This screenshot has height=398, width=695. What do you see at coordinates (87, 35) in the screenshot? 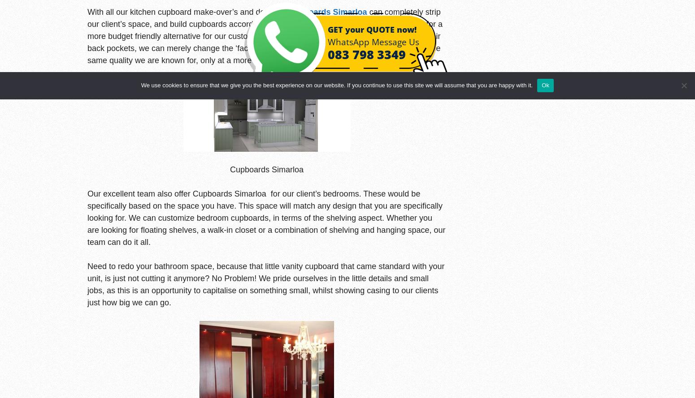
I see `'can completely strip our client’s space, and build cupboards according to new measurements, style and colours. Or for a more budget friendly alternative for our customers who are looking for quality without breaking their back pockets, we can merely change the ‘face’ of their existing cupboards. This option provides the same quality we are known for, only at a more affordable alternative.'` at bounding box center [87, 35].